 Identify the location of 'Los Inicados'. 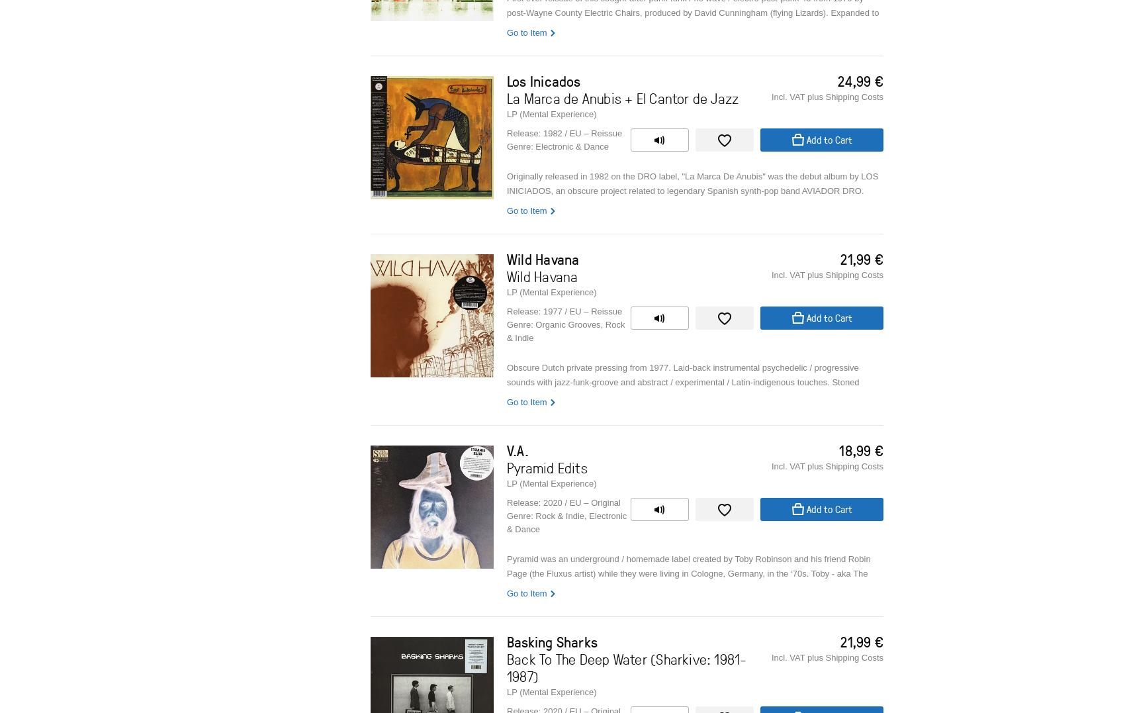
(506, 80).